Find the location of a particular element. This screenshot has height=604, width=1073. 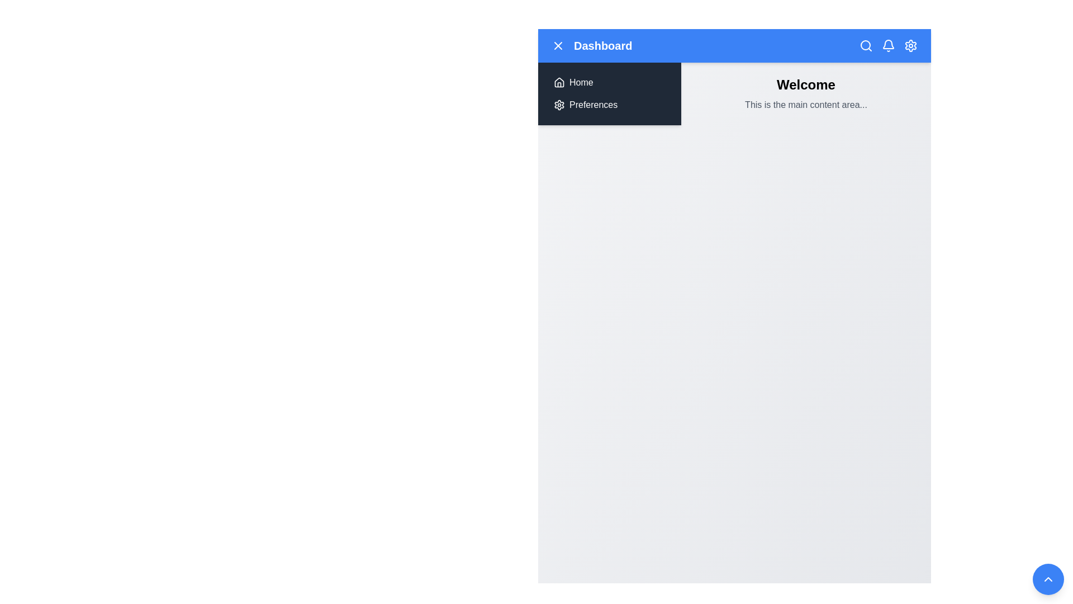

the 'Dashboard' Text Label located on the left side of the blue navigation bar, which serves as the title for the current page is located at coordinates (591, 45).